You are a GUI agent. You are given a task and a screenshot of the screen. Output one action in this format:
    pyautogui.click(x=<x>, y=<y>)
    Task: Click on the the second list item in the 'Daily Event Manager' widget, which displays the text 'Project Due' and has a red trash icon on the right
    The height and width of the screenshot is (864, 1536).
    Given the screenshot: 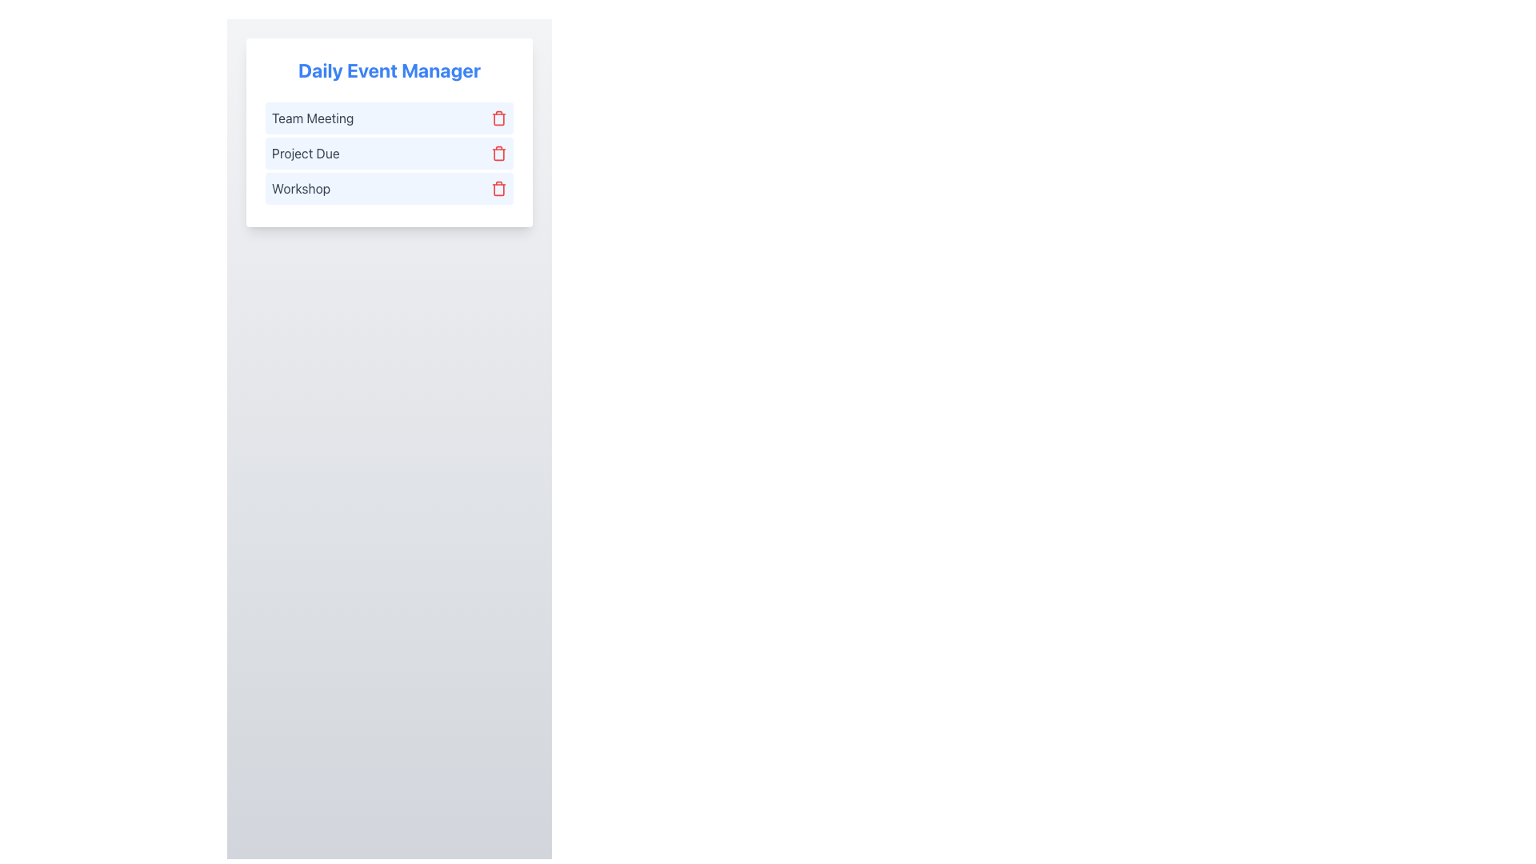 What is the action you would take?
    pyautogui.click(x=389, y=154)
    